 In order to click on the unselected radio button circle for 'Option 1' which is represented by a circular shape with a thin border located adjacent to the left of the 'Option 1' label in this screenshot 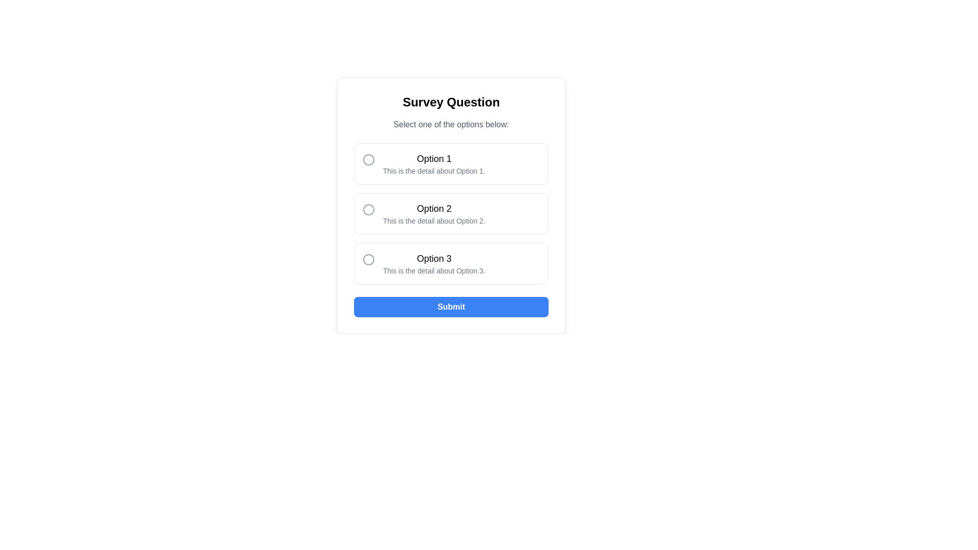, I will do `click(368, 159)`.